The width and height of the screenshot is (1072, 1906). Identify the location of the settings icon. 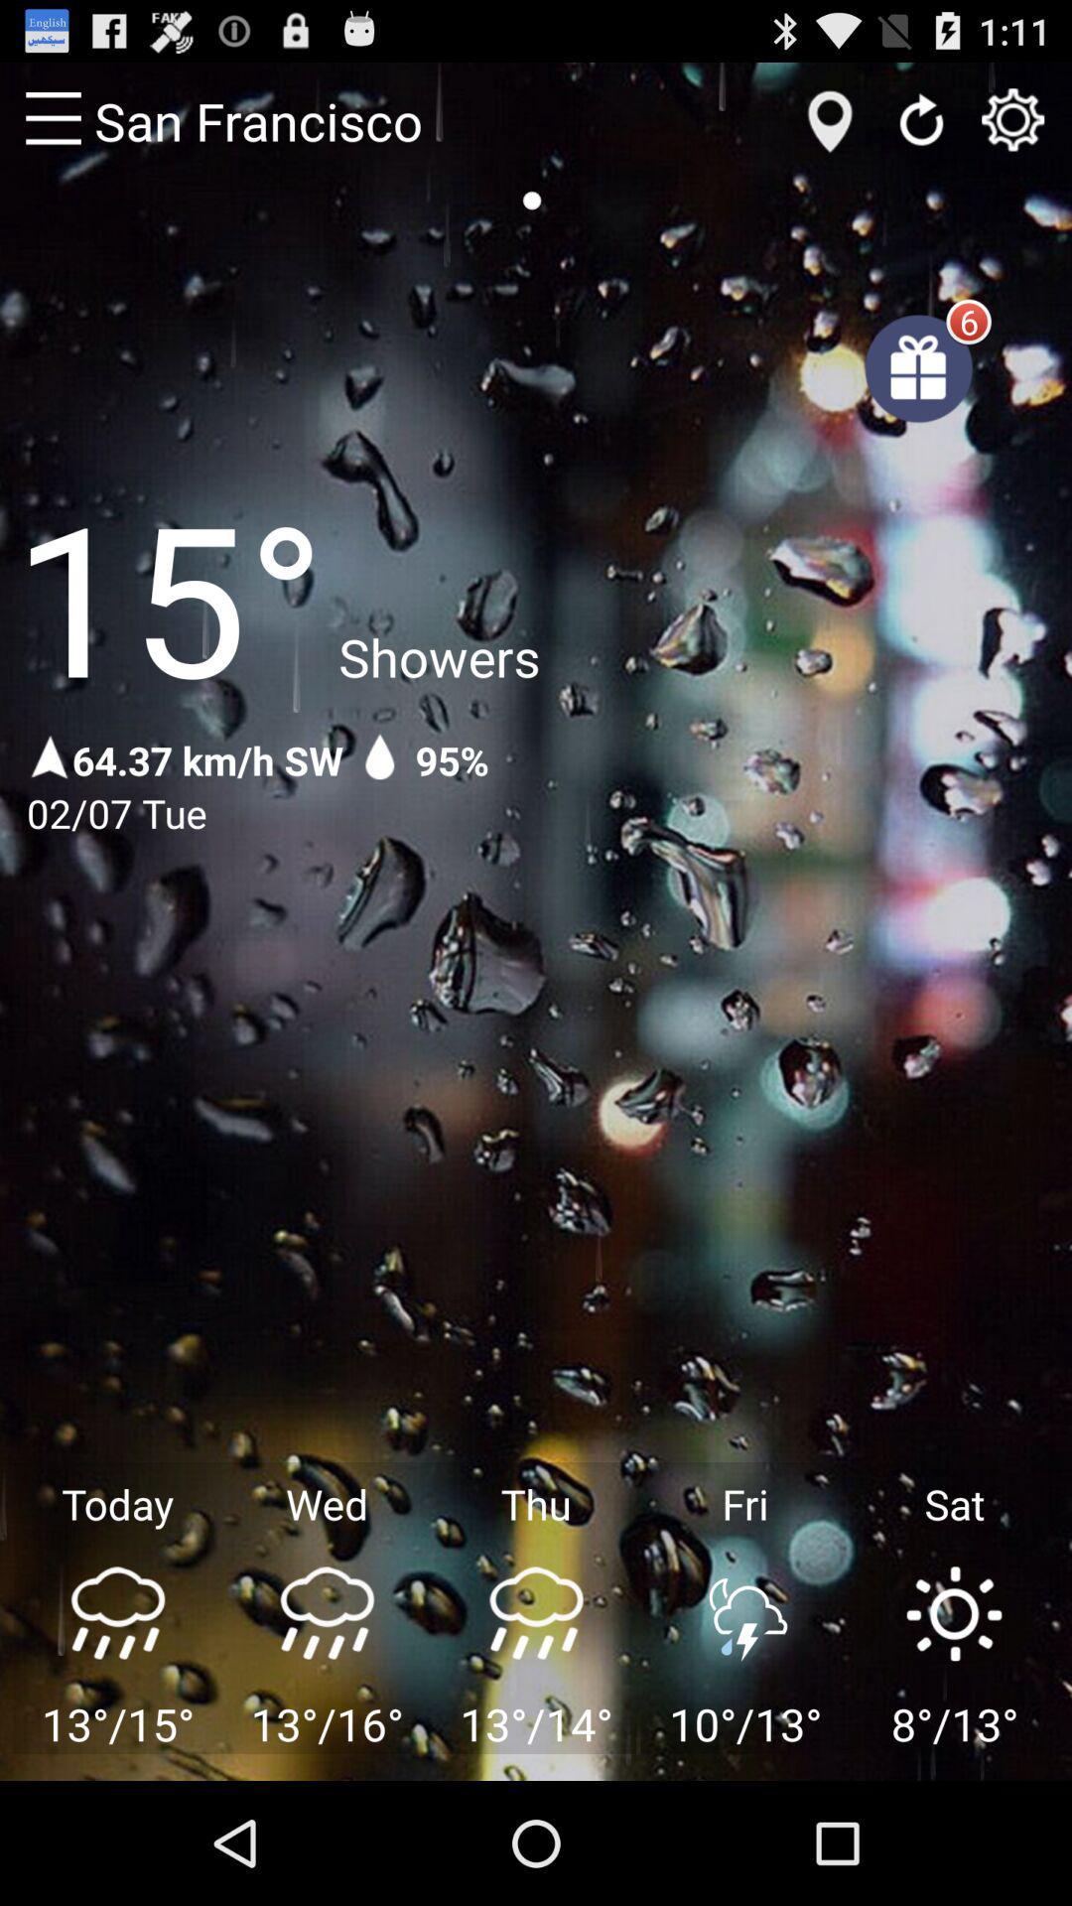
(1012, 128).